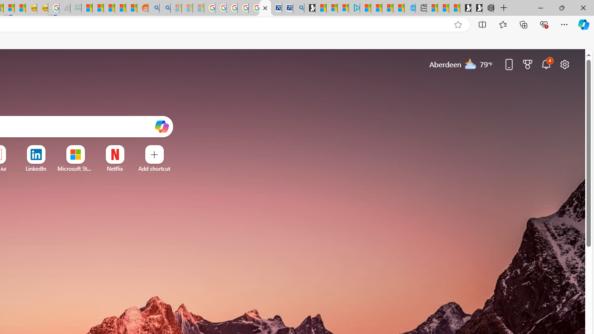  What do you see at coordinates (64, 8) in the screenshot?
I see `'Navy Quest'` at bounding box center [64, 8].